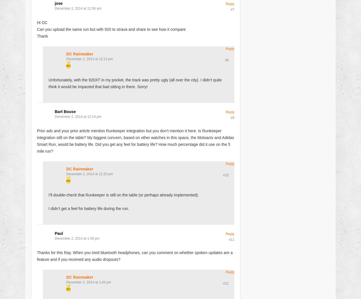 The image size is (361, 299). What do you see at coordinates (88, 208) in the screenshot?
I see `'I didn’t get a feel for battery life during the run.'` at bounding box center [88, 208].